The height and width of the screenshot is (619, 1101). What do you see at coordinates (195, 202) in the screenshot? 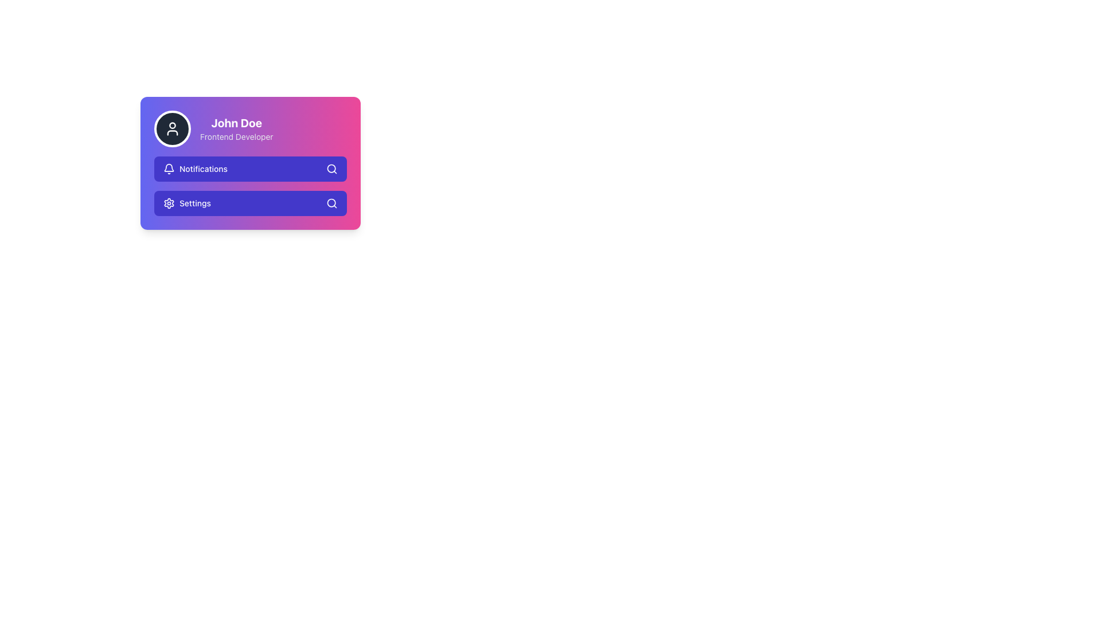
I see `the 'Settings' label, which is a white text on a blue button` at bounding box center [195, 202].